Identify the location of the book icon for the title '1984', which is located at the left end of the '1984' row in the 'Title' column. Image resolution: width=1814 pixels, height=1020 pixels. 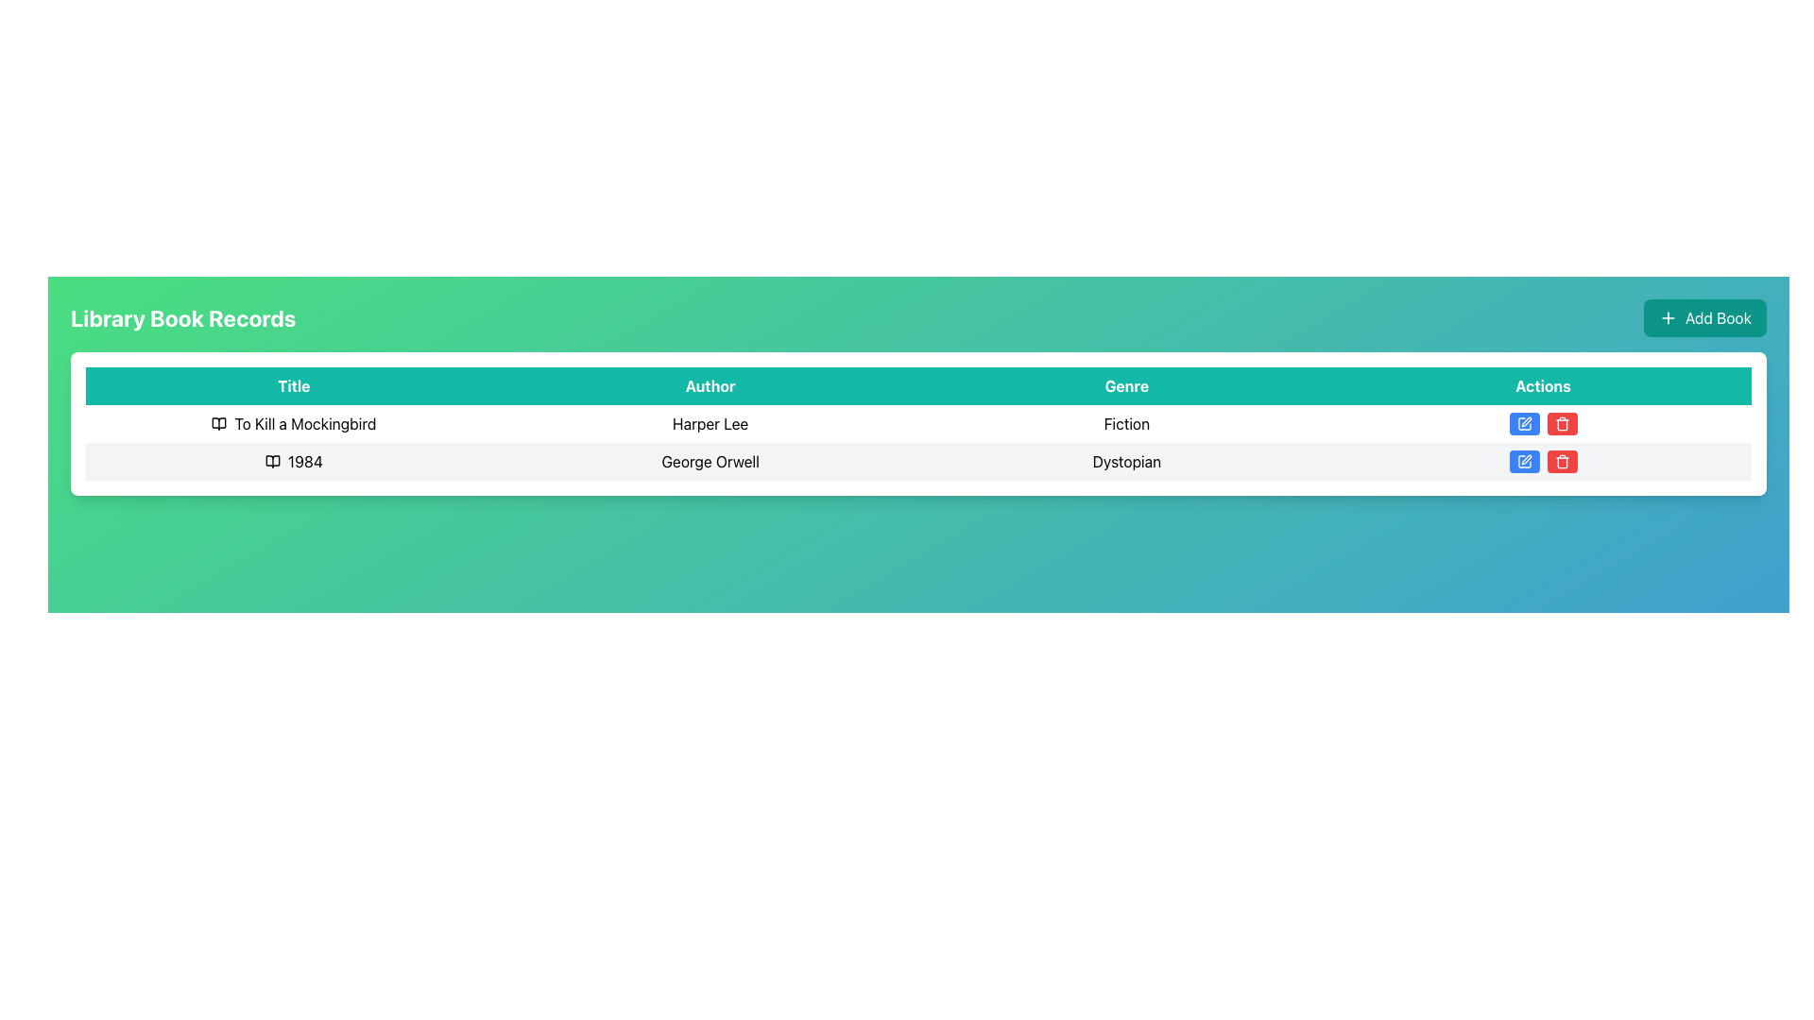
(271, 462).